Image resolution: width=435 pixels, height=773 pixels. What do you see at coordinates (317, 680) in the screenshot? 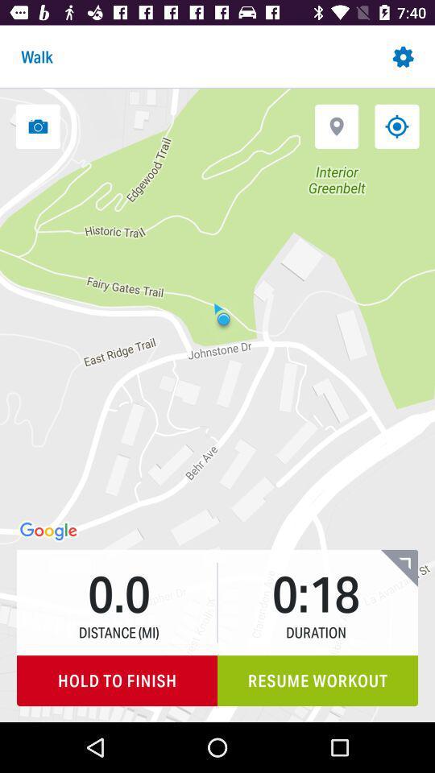
I see `resume workout` at bounding box center [317, 680].